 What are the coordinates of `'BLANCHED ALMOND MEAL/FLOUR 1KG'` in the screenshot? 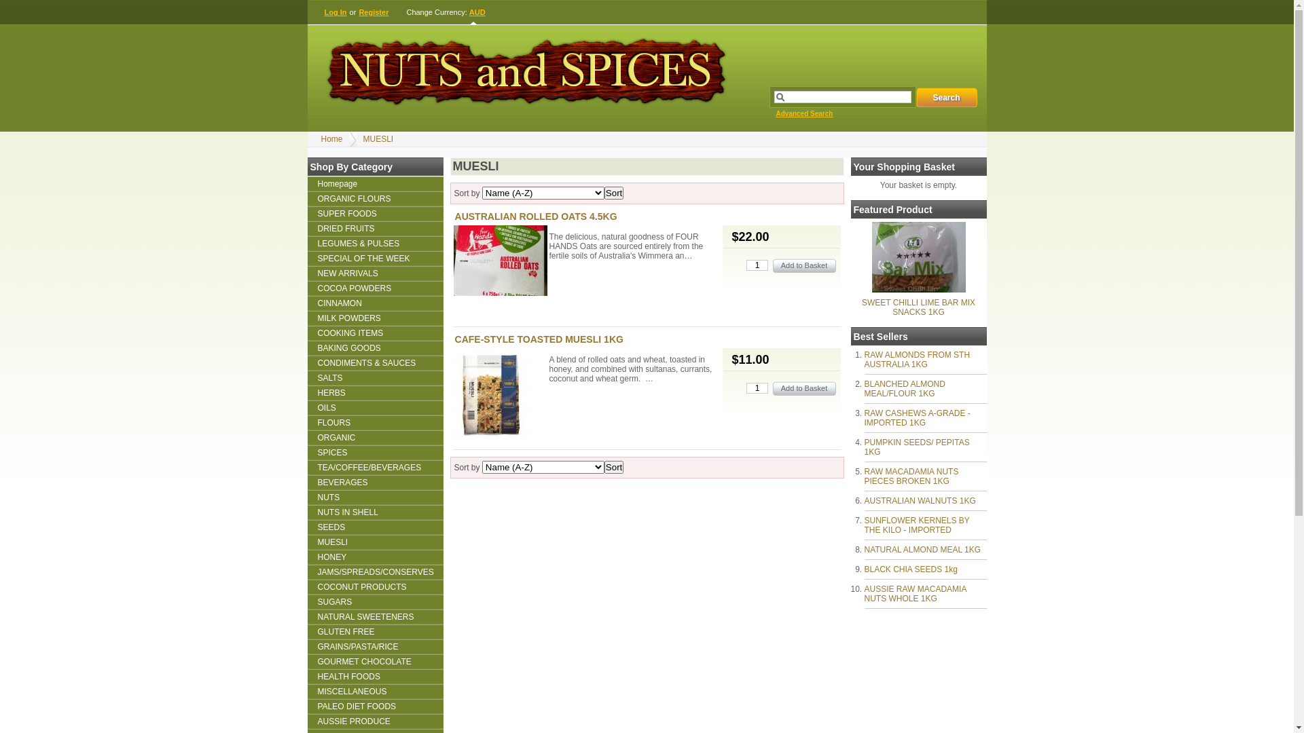 It's located at (904, 389).